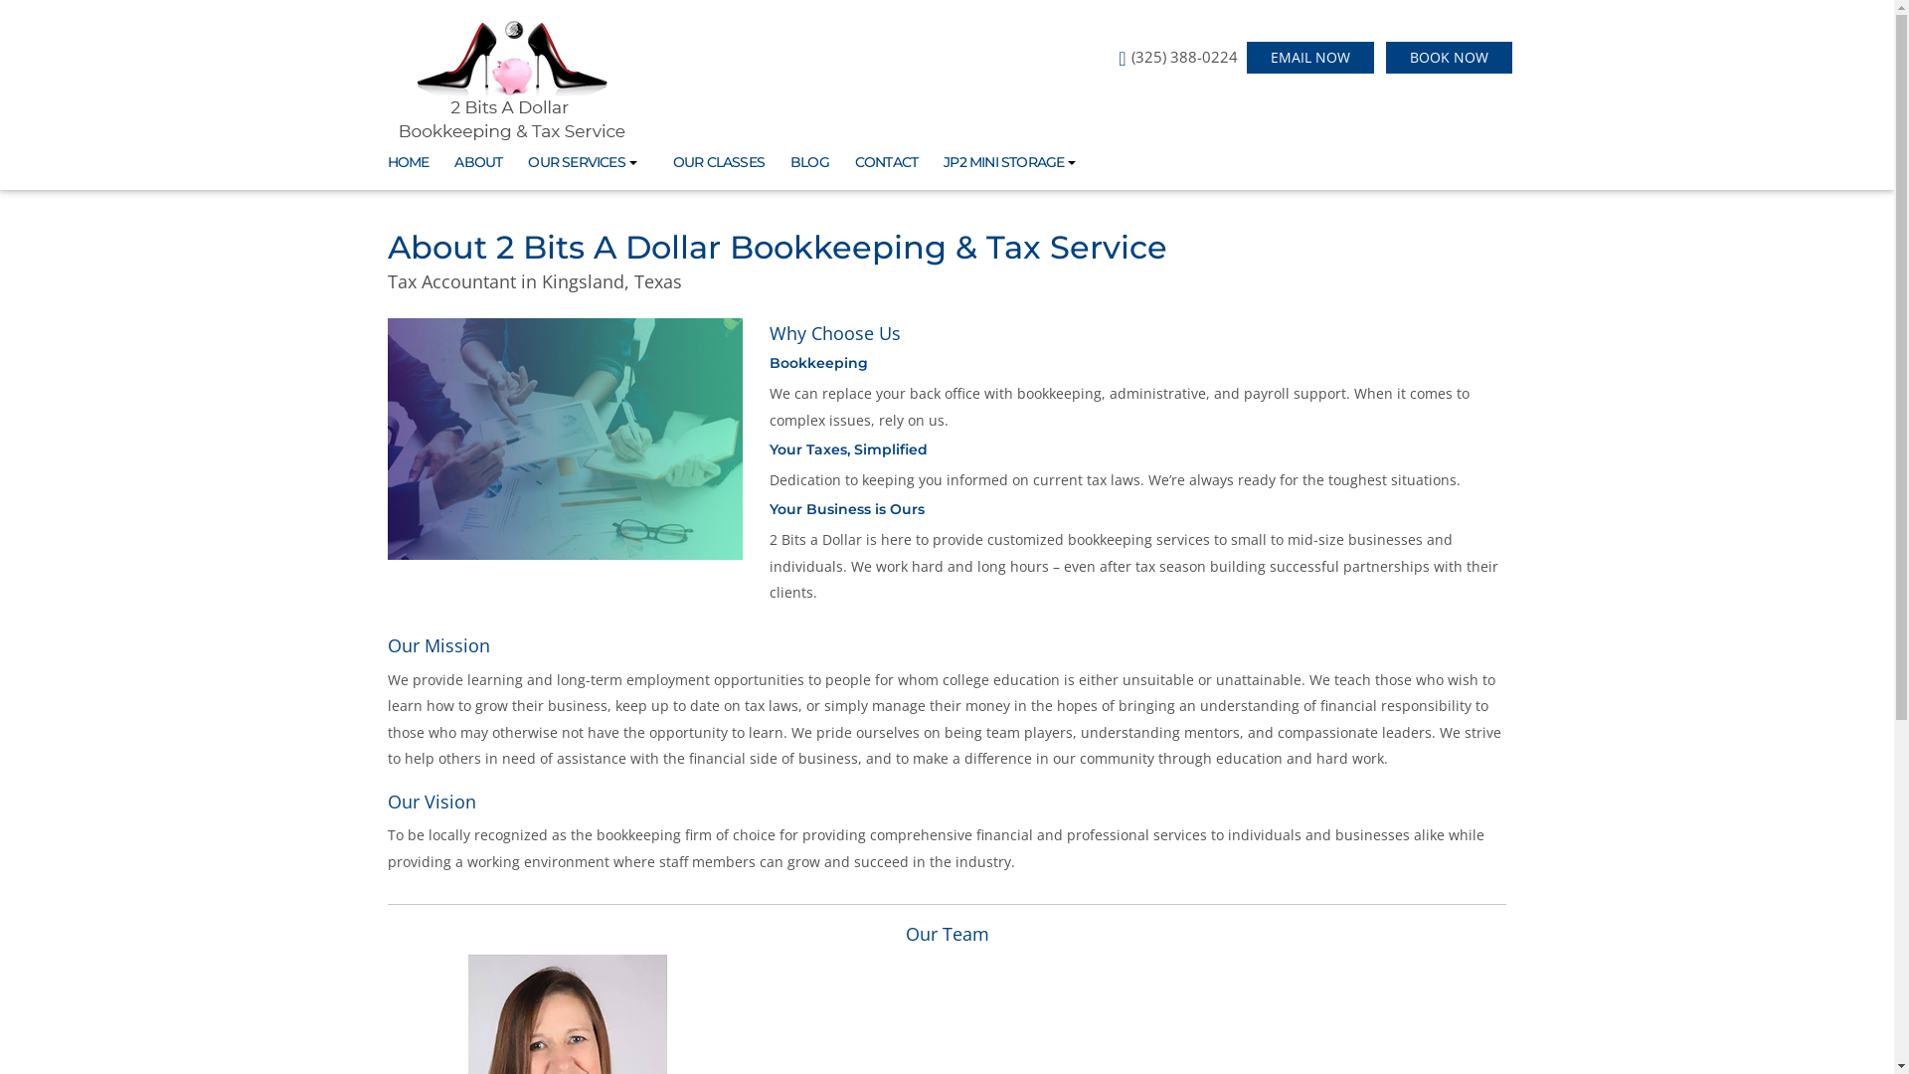 The height and width of the screenshot is (1074, 1909). What do you see at coordinates (1310, 56) in the screenshot?
I see `'EMAIL NOW'` at bounding box center [1310, 56].